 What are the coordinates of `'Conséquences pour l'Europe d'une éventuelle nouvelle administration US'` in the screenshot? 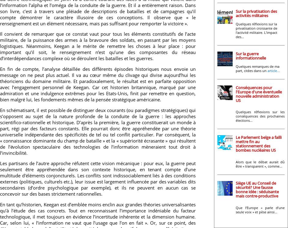 It's located at (236, 93).